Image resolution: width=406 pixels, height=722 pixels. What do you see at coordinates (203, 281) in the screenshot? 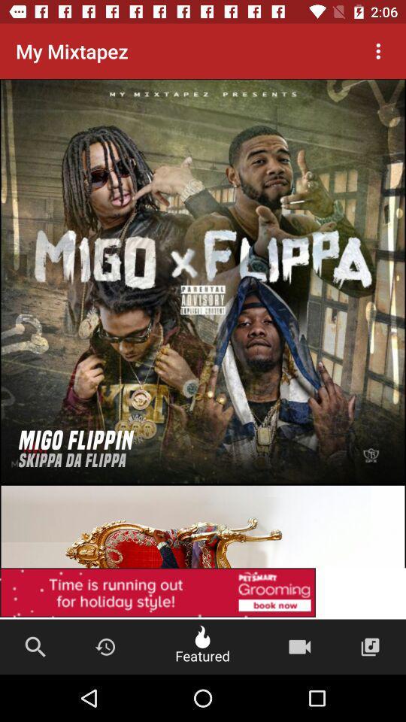
I see `hit to see album details` at bounding box center [203, 281].